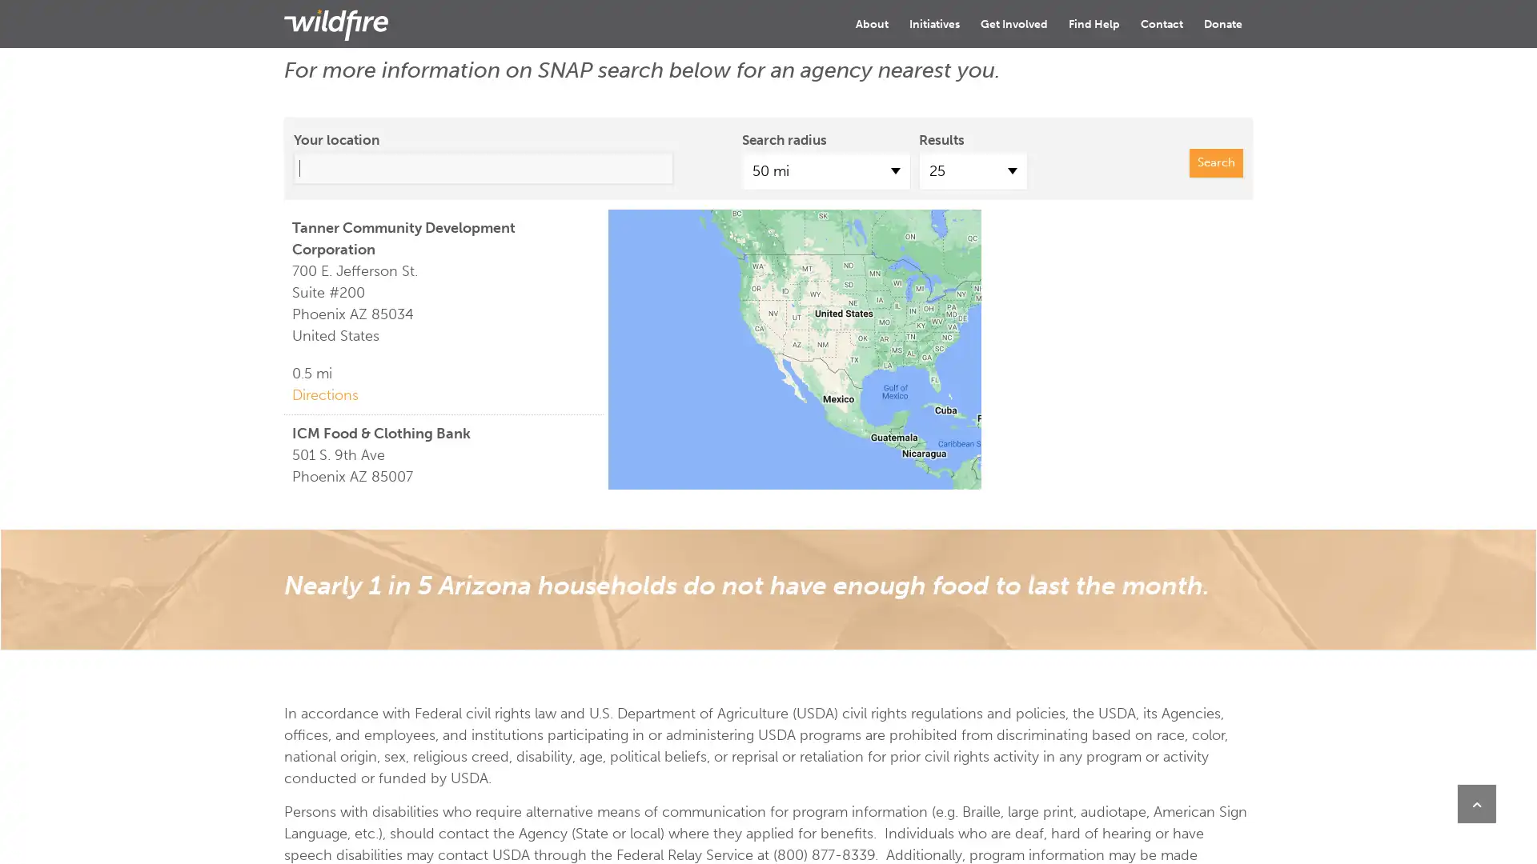 This screenshot has height=864, width=1537. What do you see at coordinates (1216, 163) in the screenshot?
I see `Search` at bounding box center [1216, 163].